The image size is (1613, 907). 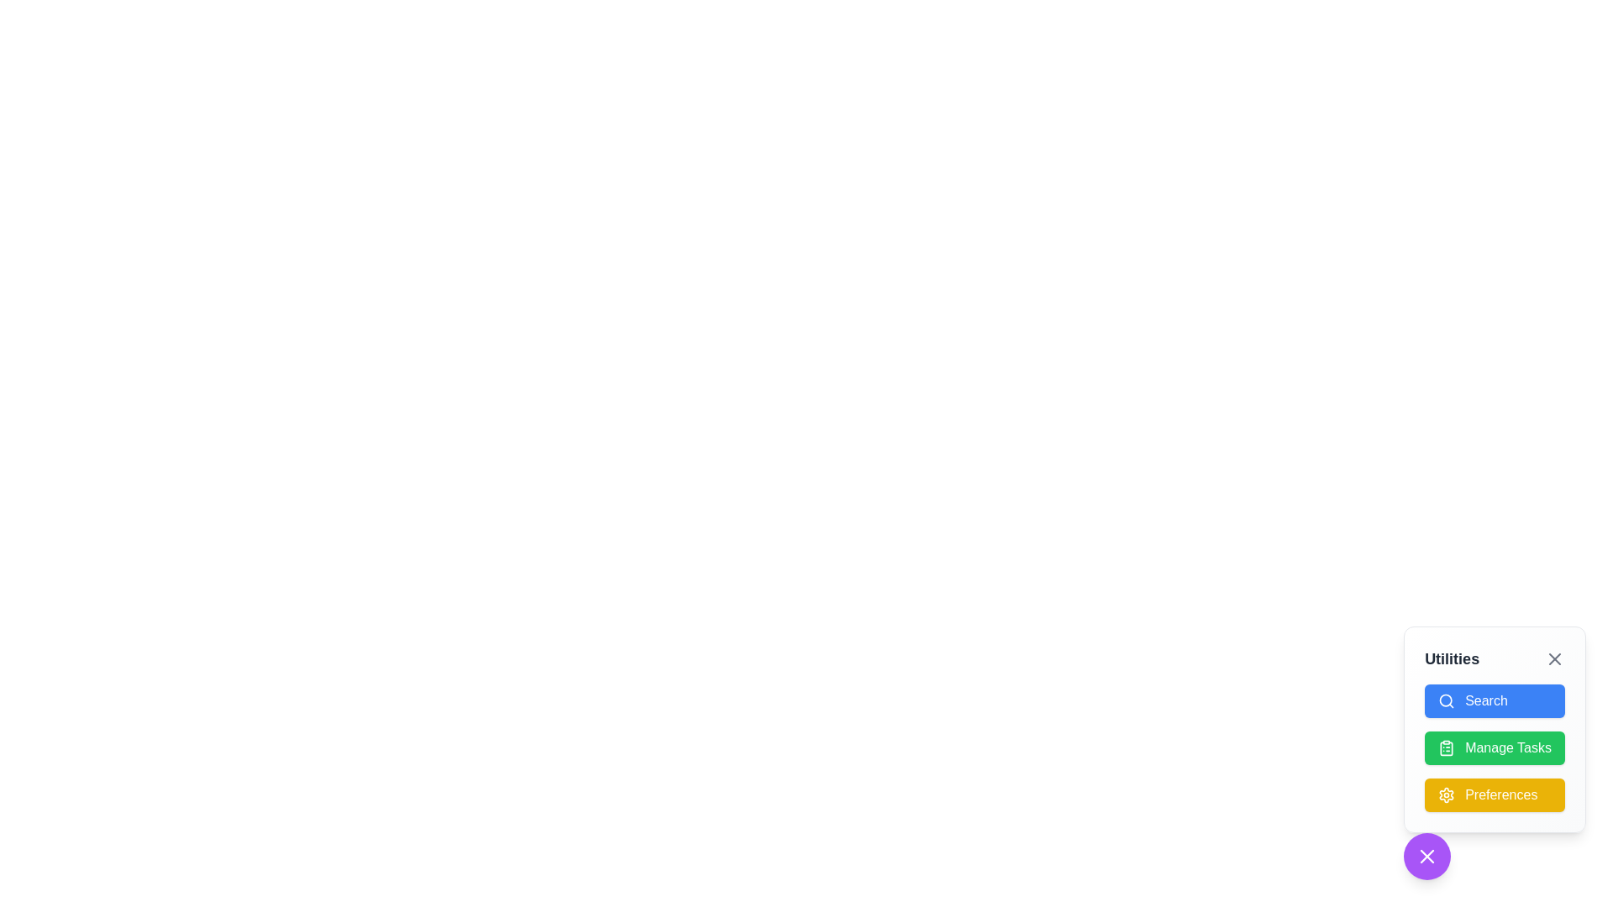 What do you see at coordinates (1495, 728) in the screenshot?
I see `the green 'Manage Tasks' button located in the bottom-right corner of the interface, which is the second button in a series of three vertically-stacked buttons` at bounding box center [1495, 728].